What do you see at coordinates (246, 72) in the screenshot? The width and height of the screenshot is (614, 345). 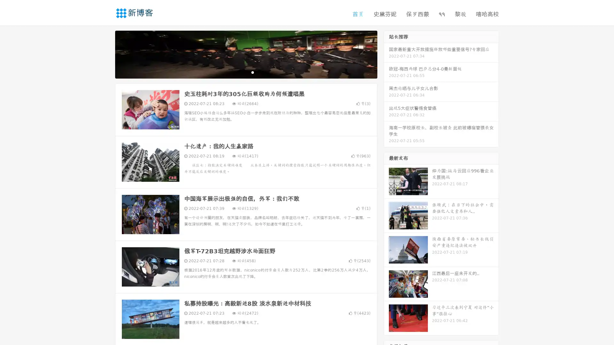 I see `Go to slide 2` at bounding box center [246, 72].